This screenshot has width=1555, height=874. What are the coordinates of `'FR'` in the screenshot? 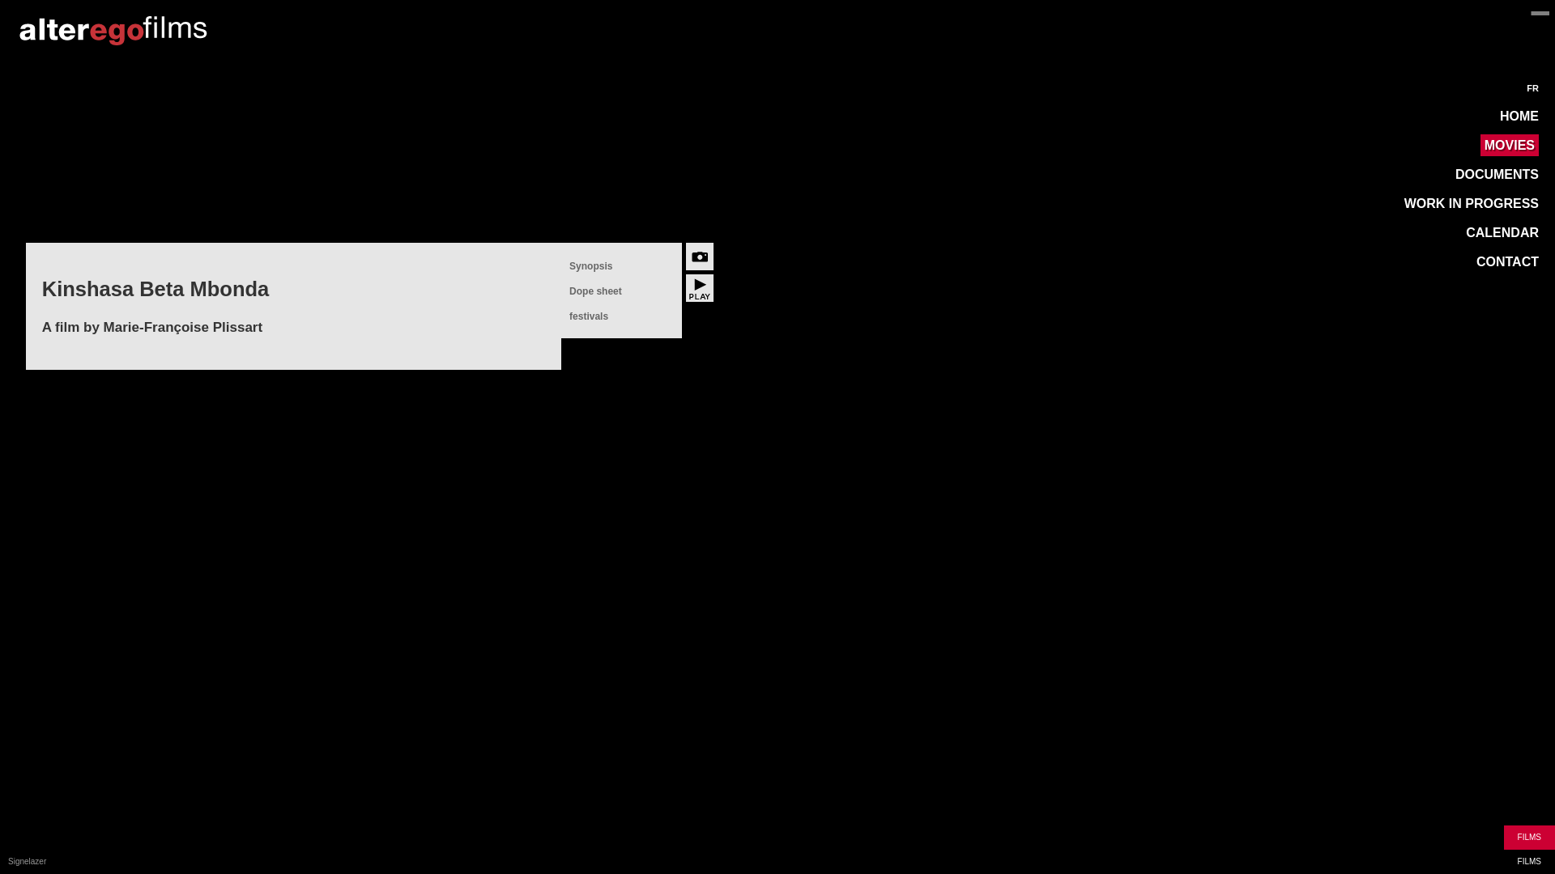 It's located at (1532, 87).